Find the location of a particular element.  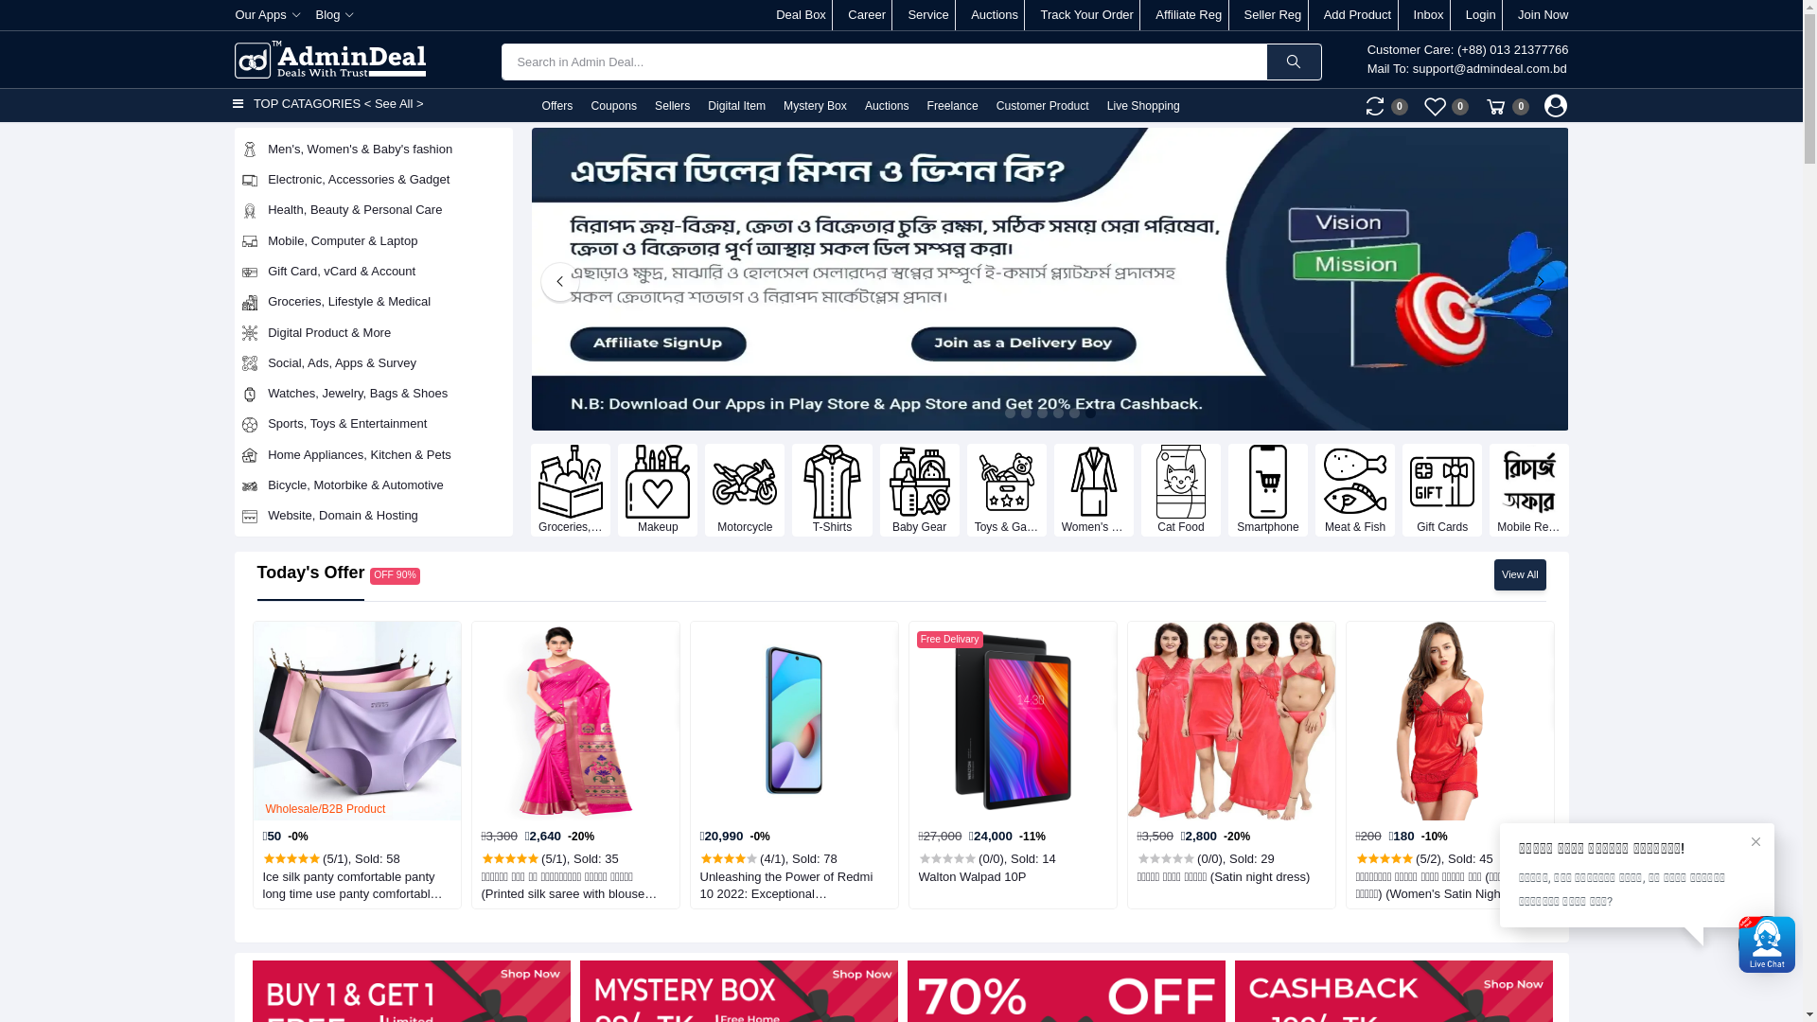

'Auctions' is located at coordinates (885, 105).